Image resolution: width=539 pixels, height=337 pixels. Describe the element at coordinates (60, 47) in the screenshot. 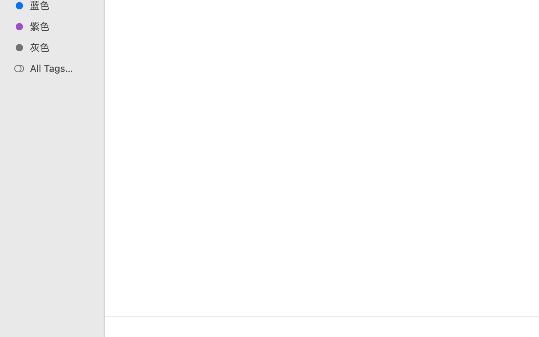

I see `'灰色'` at that location.